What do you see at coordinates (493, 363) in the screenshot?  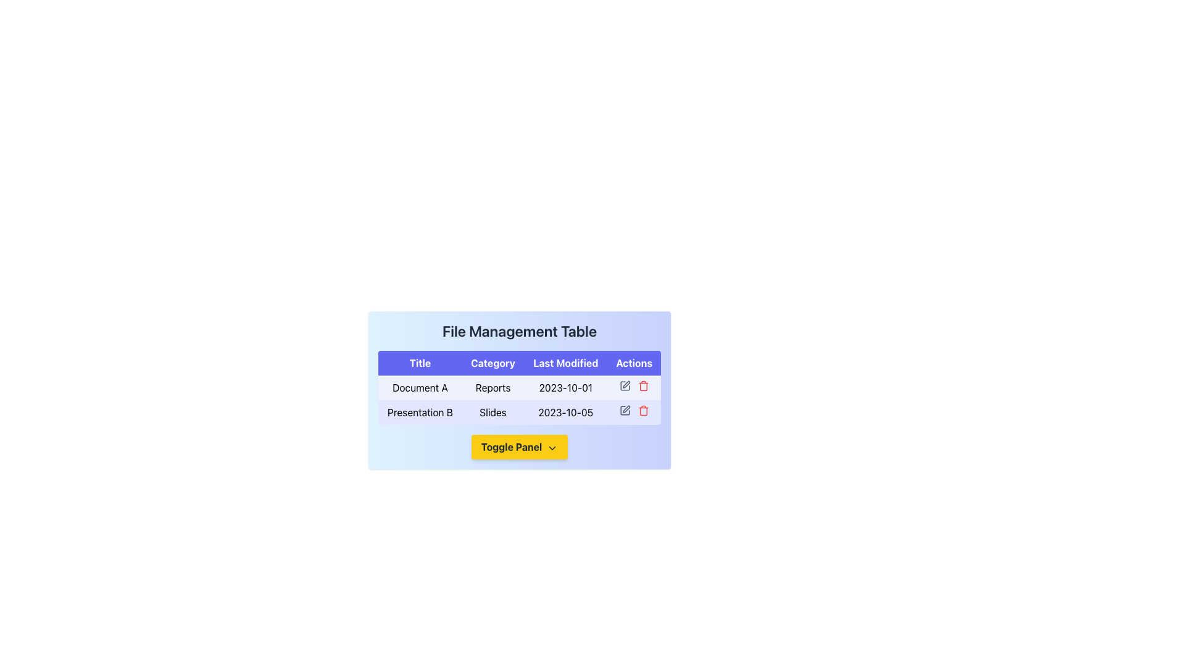 I see `the Table Header element that contains the text 'Category', styled with a white font color on a blue background, positioned as the second column header in the tabular interface` at bounding box center [493, 363].